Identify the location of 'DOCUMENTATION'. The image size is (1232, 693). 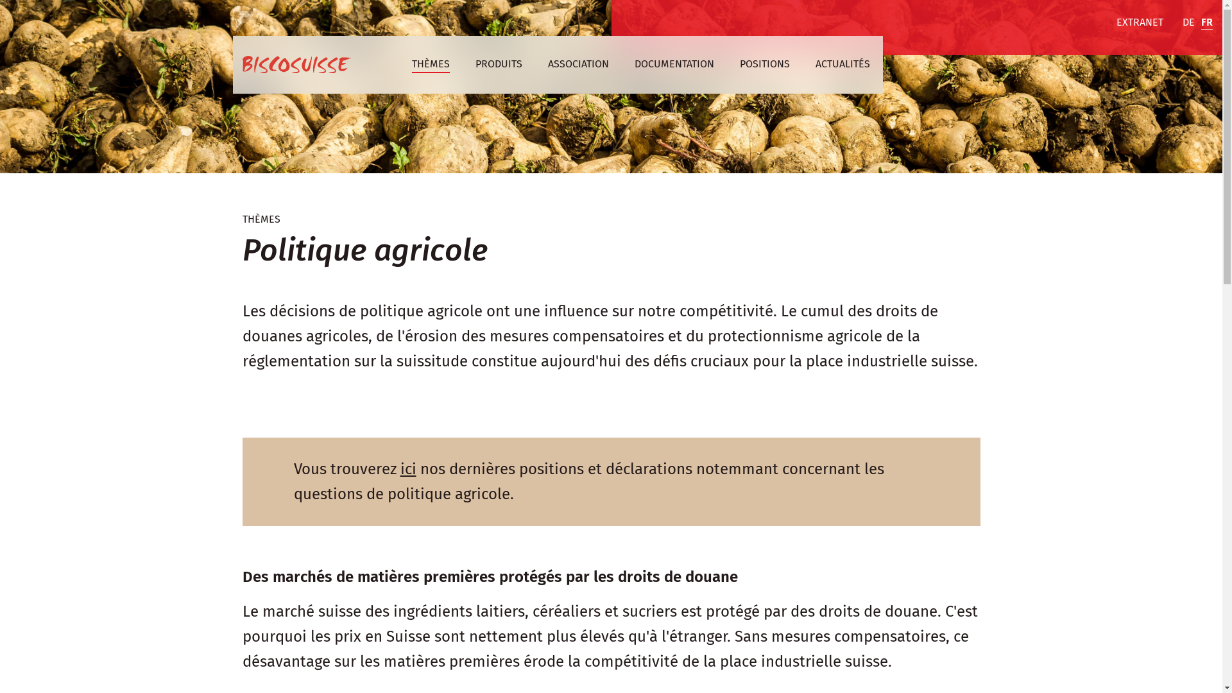
(673, 64).